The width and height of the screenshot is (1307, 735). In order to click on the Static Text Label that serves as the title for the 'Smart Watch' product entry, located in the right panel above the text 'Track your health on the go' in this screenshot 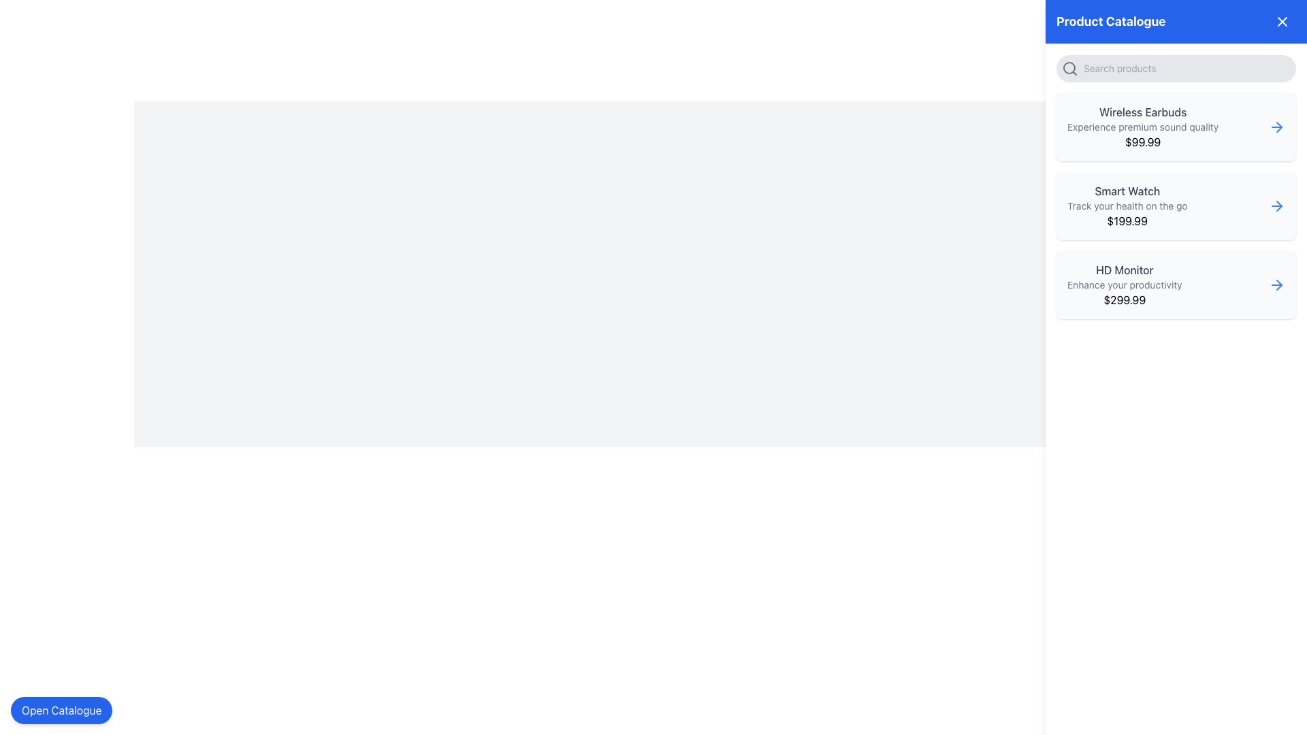, I will do `click(1127, 191)`.